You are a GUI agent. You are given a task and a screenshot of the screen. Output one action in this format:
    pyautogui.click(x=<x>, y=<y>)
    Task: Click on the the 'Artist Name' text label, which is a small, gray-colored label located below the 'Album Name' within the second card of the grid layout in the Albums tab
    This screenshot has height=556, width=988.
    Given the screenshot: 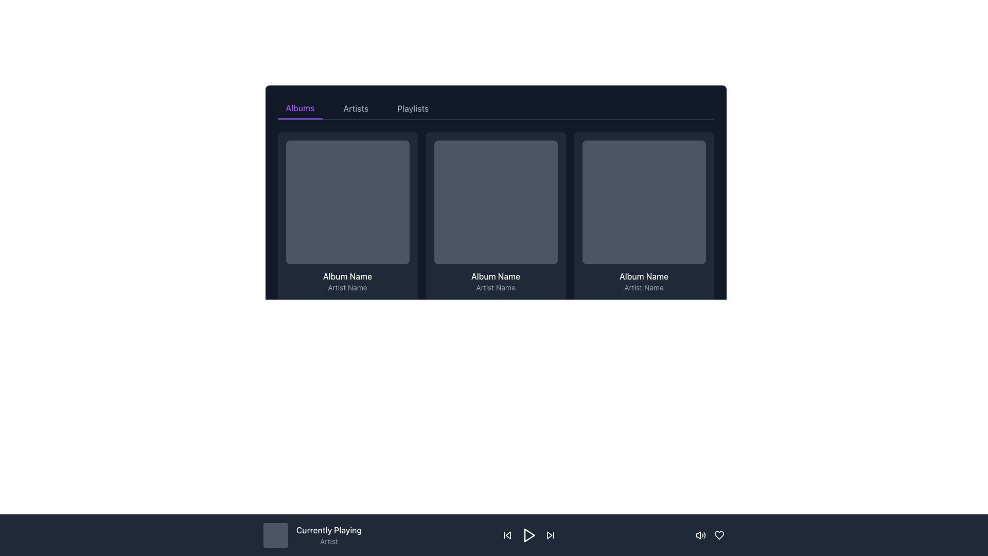 What is the action you would take?
    pyautogui.click(x=496, y=288)
    